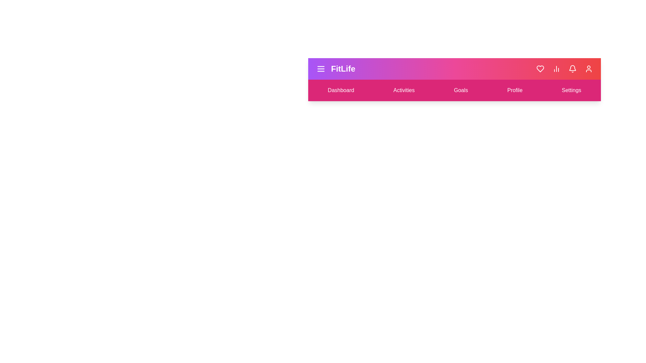 This screenshot has height=363, width=646. Describe the element at coordinates (588, 69) in the screenshot. I see `the user icon to access the profile` at that location.